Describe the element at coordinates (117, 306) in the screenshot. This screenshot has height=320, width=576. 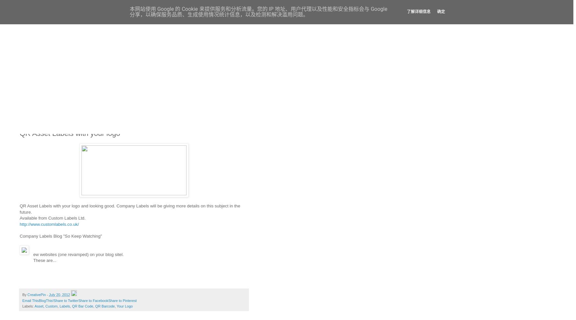
I see `'Your Logo'` at that location.